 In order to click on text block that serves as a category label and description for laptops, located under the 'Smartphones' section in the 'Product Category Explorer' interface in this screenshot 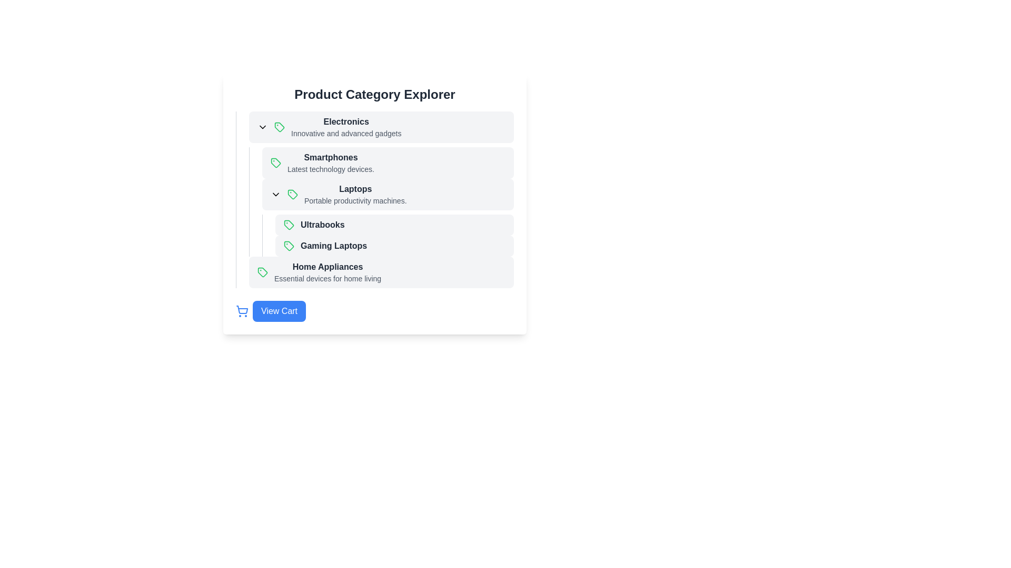, I will do `click(355, 195)`.